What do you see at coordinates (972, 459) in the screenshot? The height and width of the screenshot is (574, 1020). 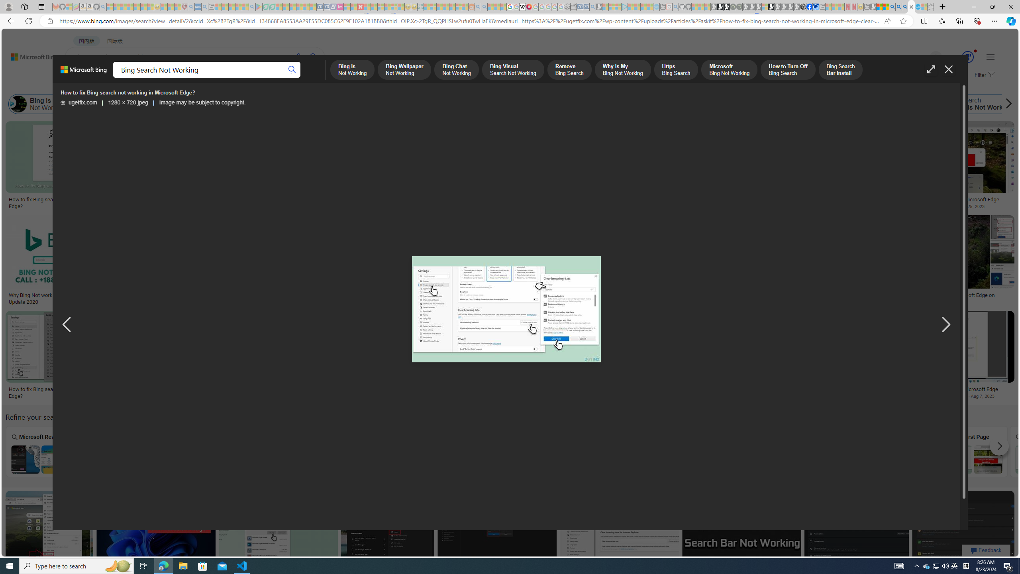 I see `'Why First Page of Bing Search Not Working'` at bounding box center [972, 459].